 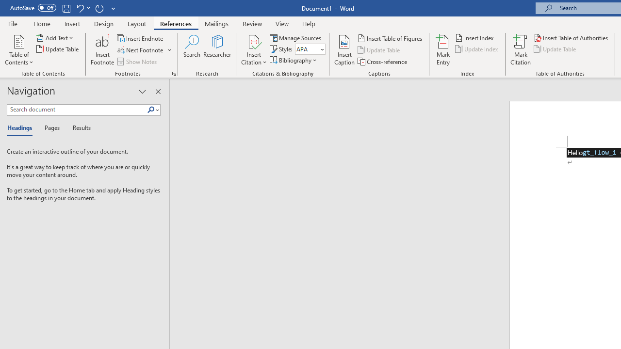 What do you see at coordinates (391, 38) in the screenshot?
I see `'Insert Table of Figures...'` at bounding box center [391, 38].